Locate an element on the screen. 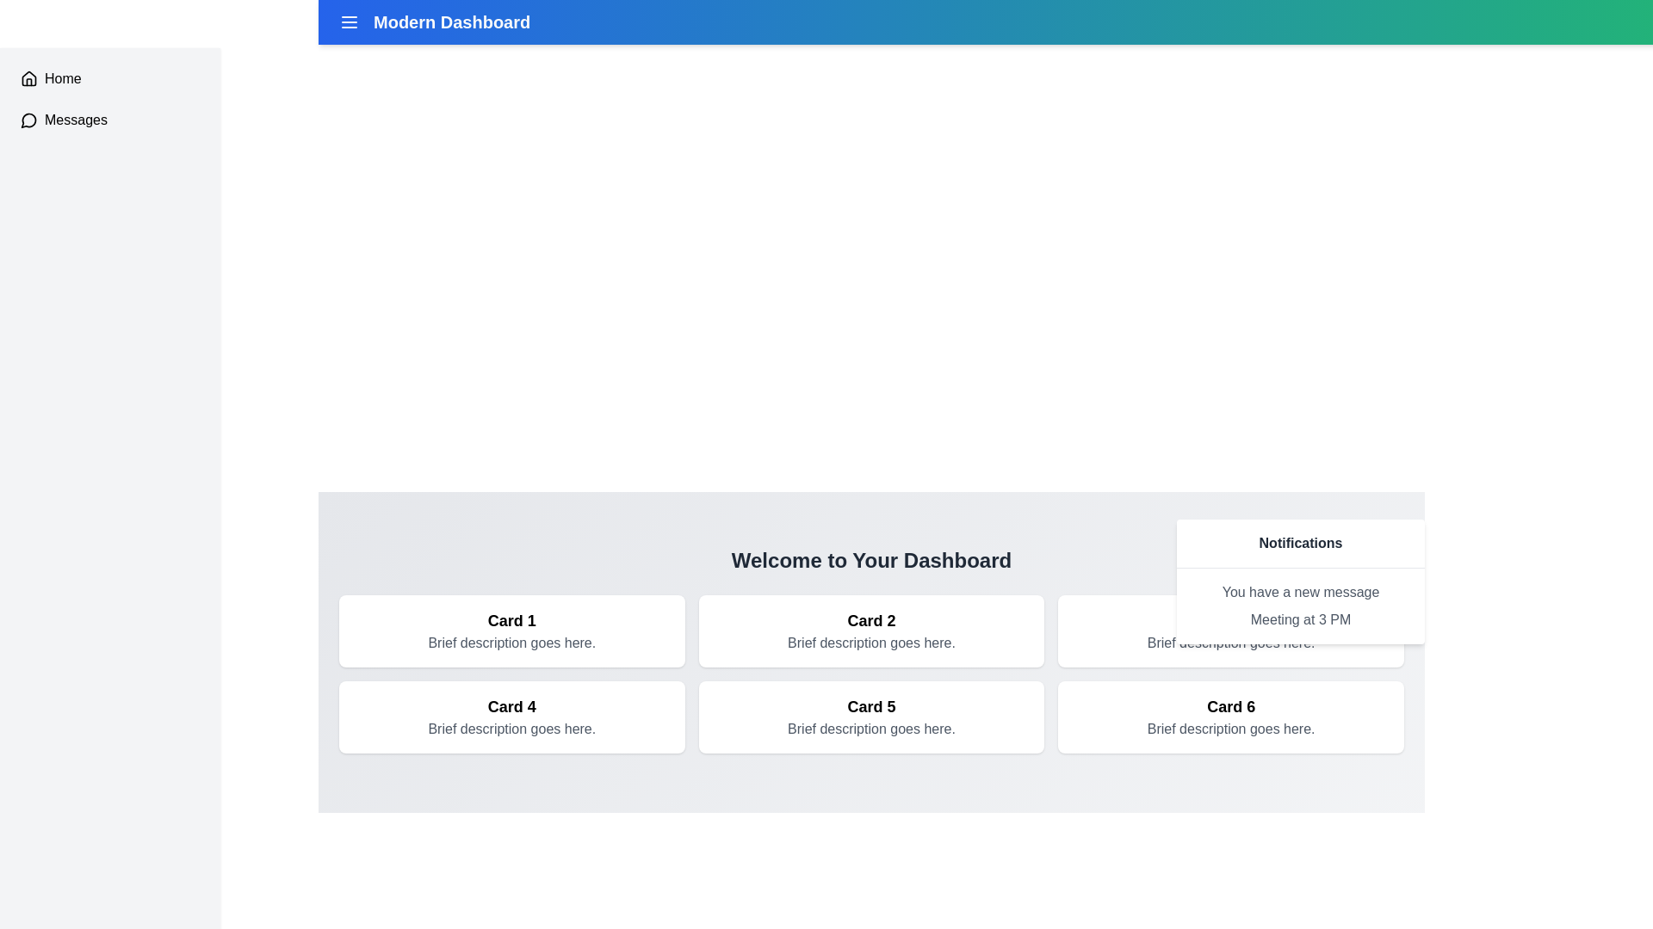  the notification box with a white background and gray text, which contains the title 'Notifications' and is located on the right side of the dashboard, above the cards is located at coordinates (1301, 581).